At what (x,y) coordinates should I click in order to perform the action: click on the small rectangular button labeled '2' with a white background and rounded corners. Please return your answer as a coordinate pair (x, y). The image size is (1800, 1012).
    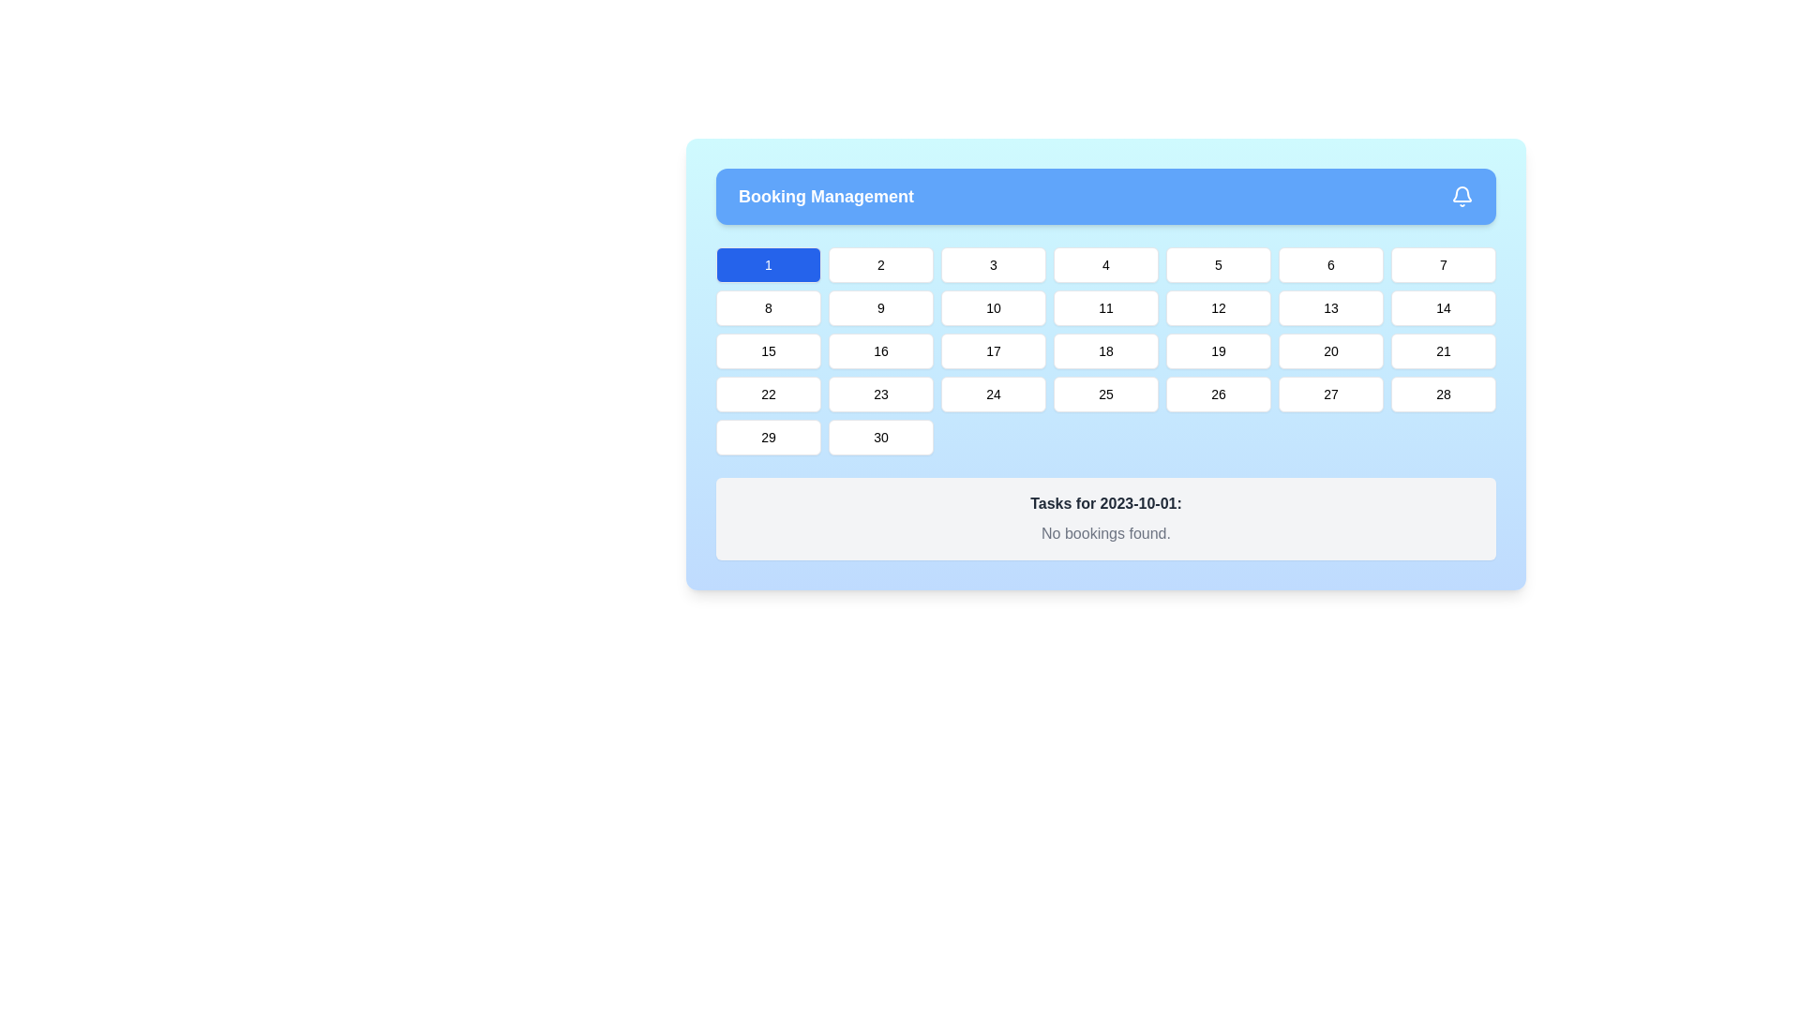
    Looking at the image, I should click on (880, 264).